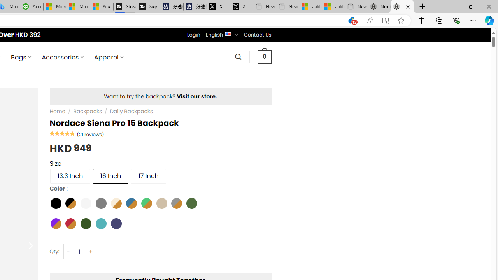 The width and height of the screenshot is (498, 280). What do you see at coordinates (386, 20) in the screenshot?
I see `'Enter Immersive Reader (F9)'` at bounding box center [386, 20].